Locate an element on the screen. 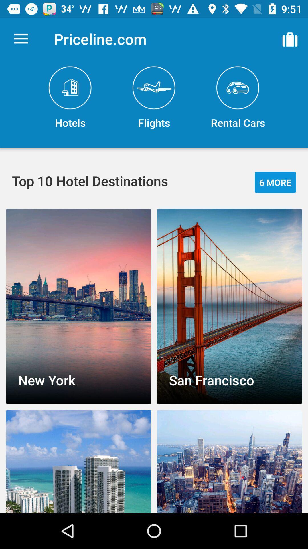  icon below priceline.com is located at coordinates (154, 98).